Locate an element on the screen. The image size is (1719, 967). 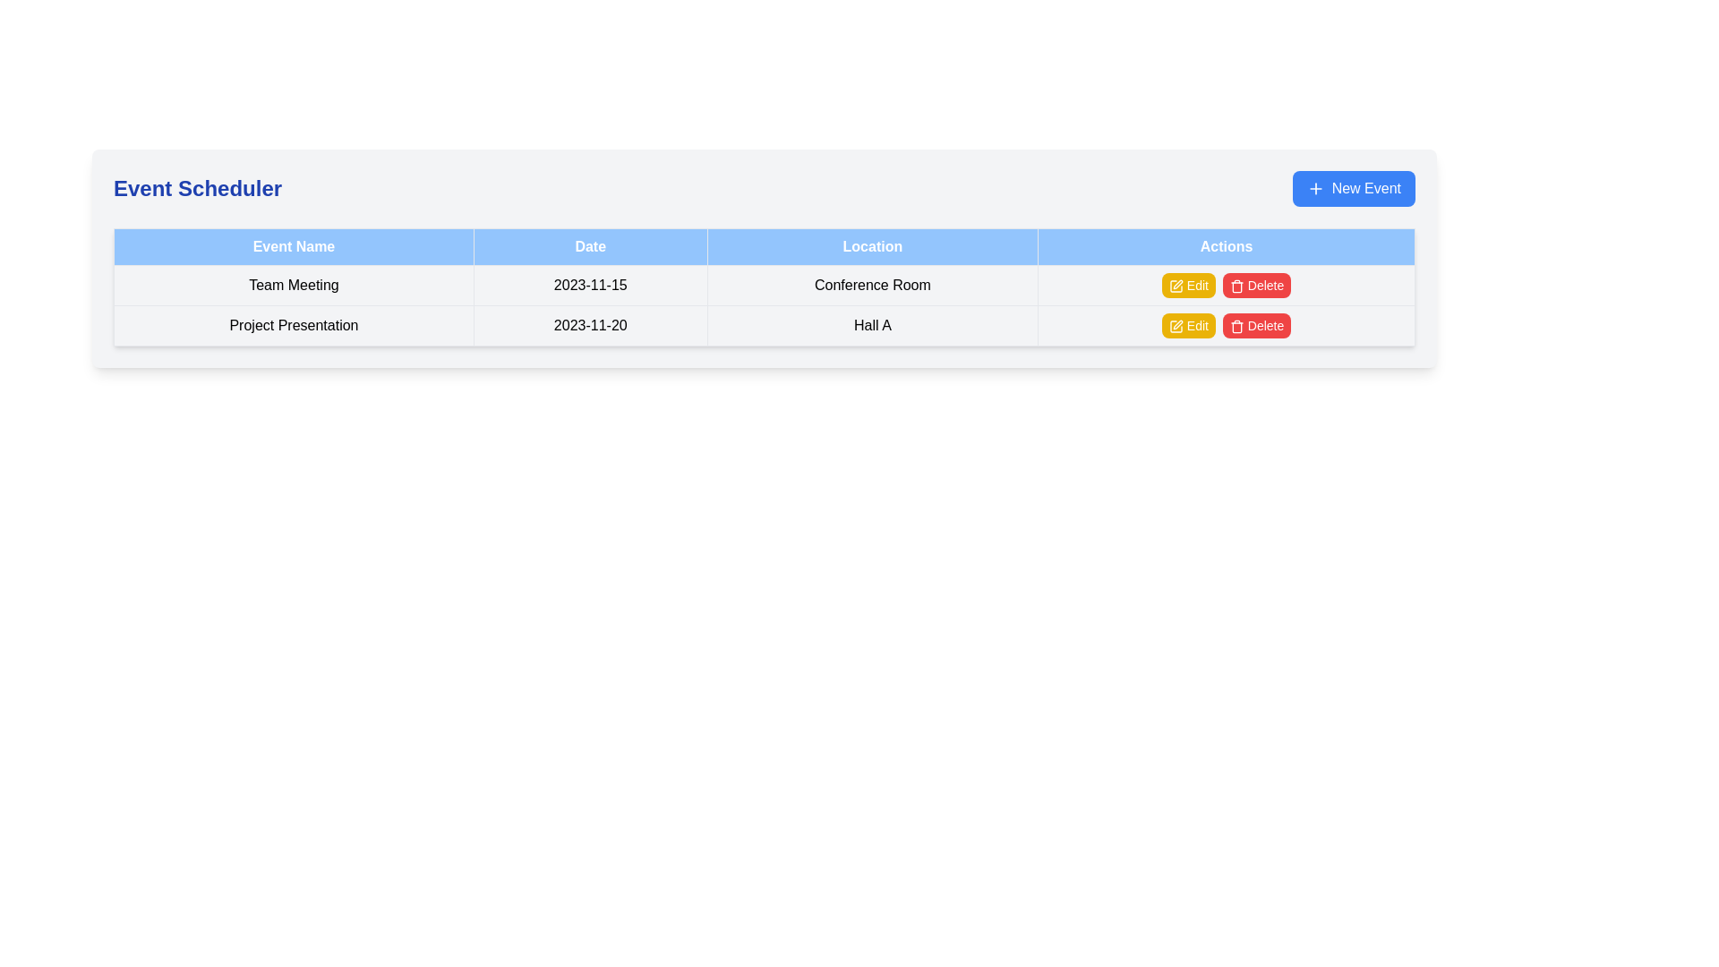
the interactive buttons in the 'Actions' column of the first row of the table for the 'Team Meeting' event is located at coordinates (1226, 285).